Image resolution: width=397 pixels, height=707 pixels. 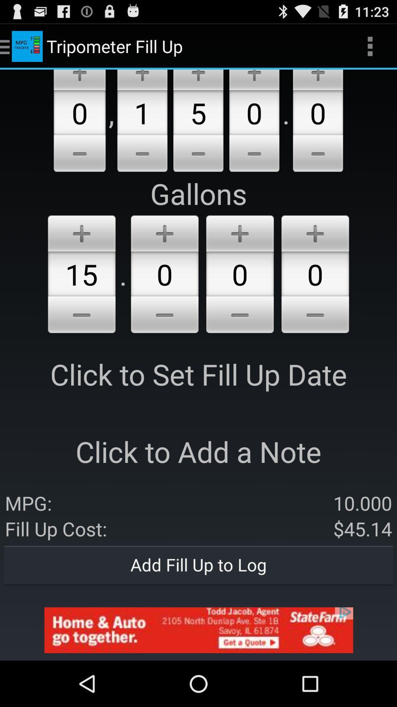 I want to click on increase by one, so click(x=254, y=80).